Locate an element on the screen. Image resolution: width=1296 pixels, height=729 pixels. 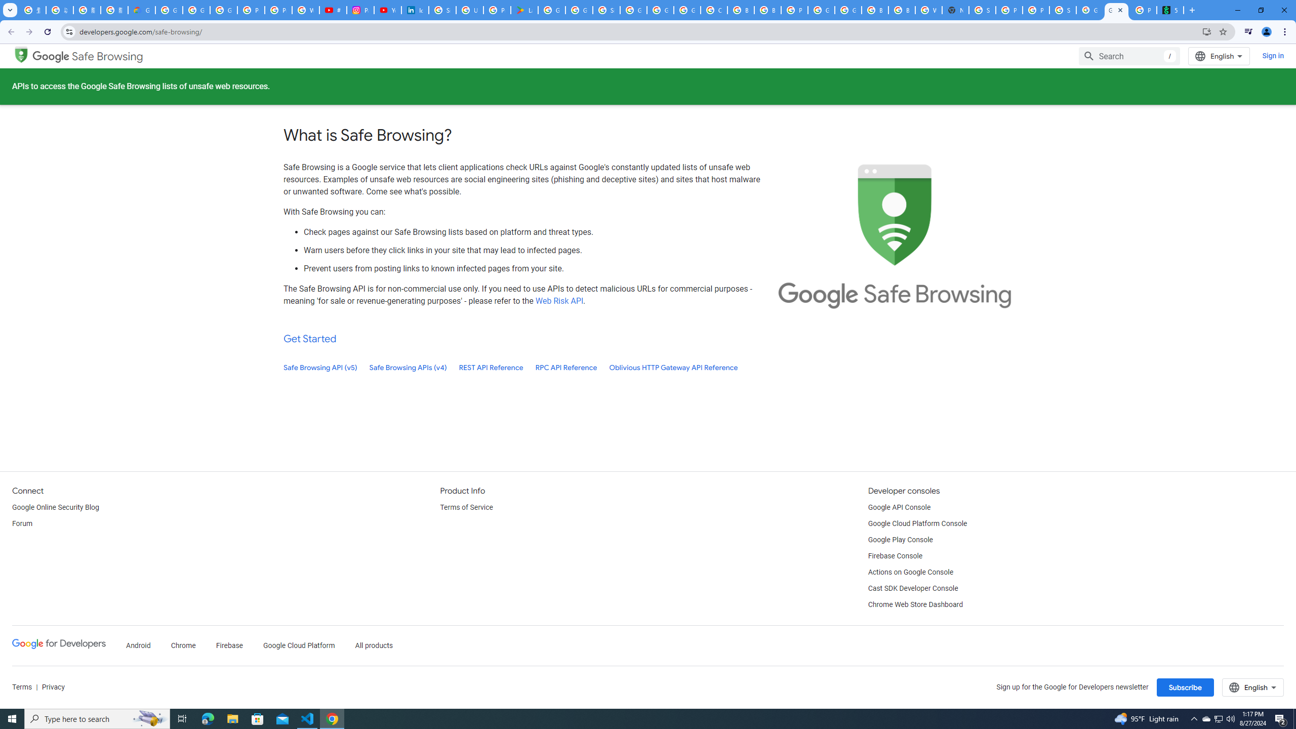
'Browse Chrome as a guest - Computer - Google Chrome Help' is located at coordinates (875, 10).